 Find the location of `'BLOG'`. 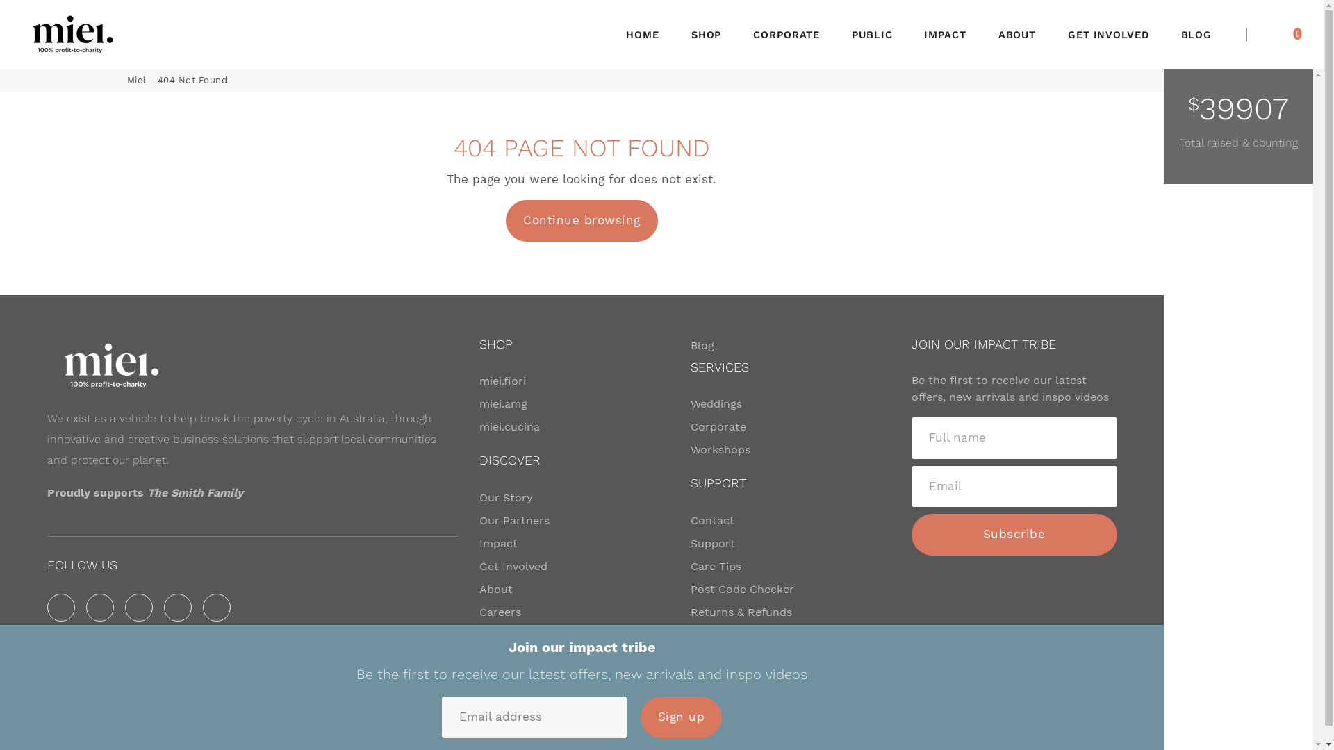

'BLOG' is located at coordinates (1196, 34).